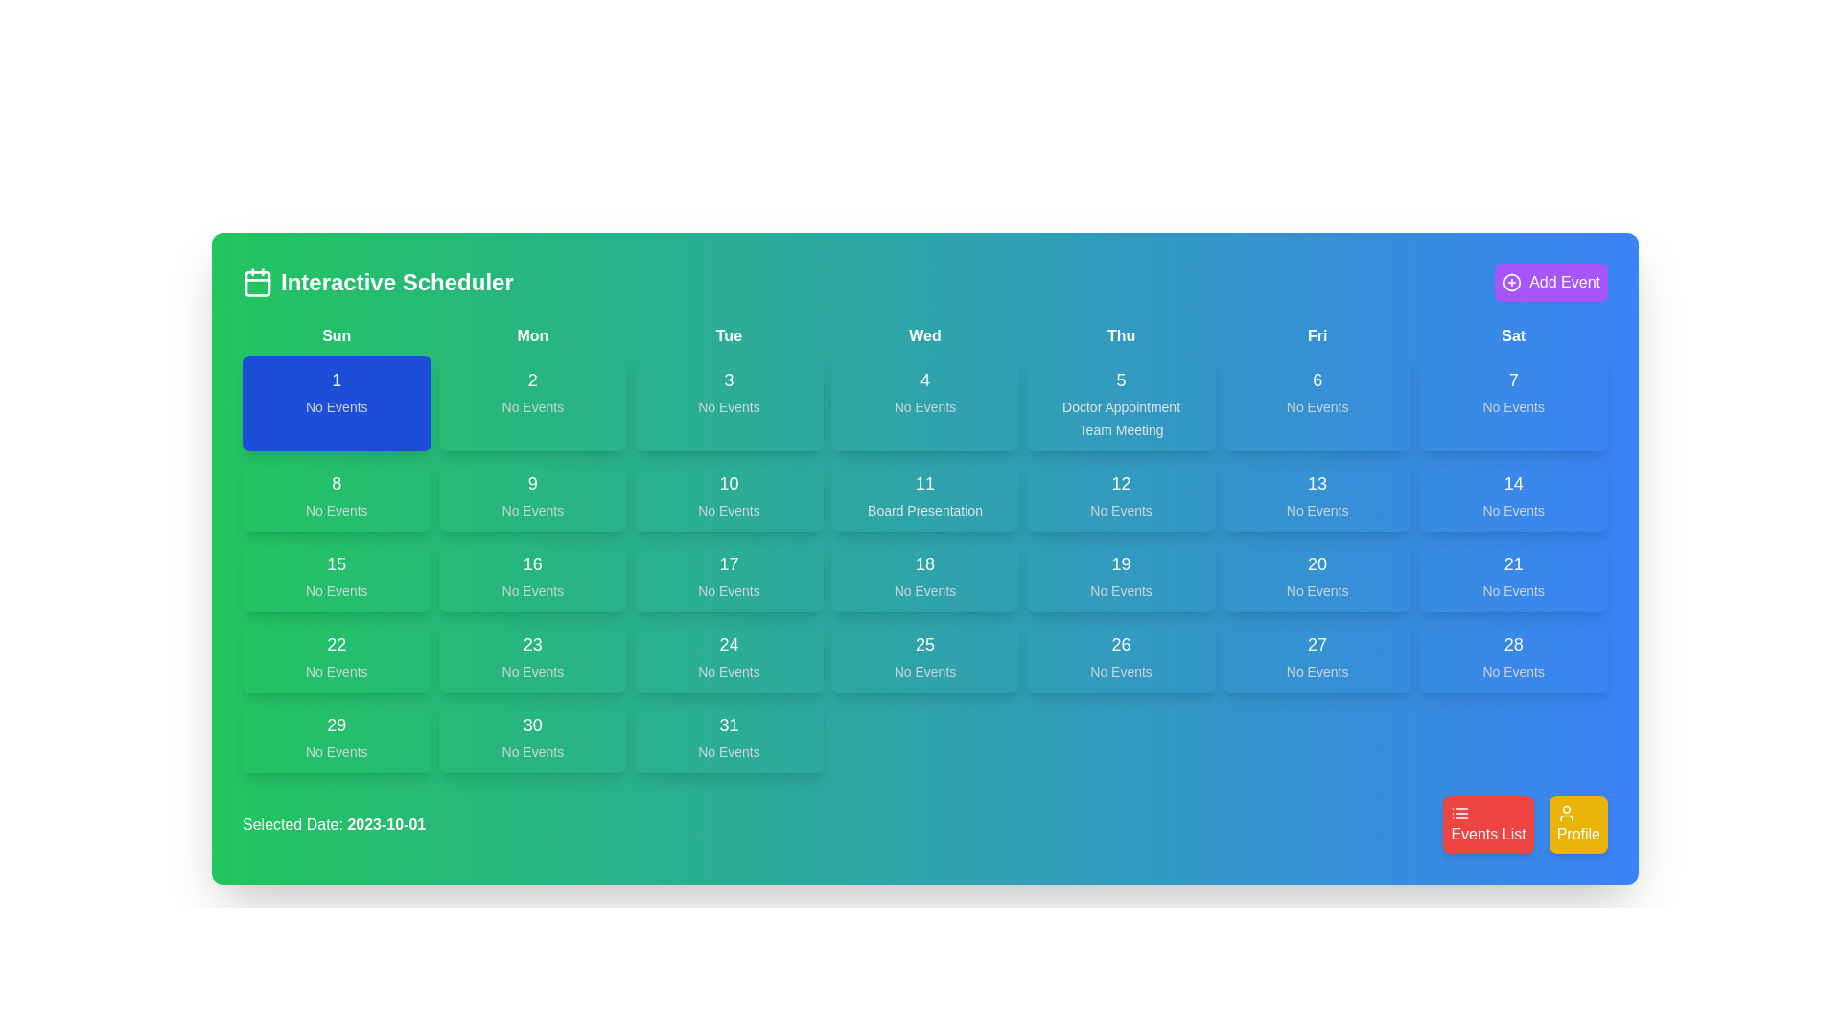 The width and height of the screenshot is (1841, 1035). What do you see at coordinates (1512, 655) in the screenshot?
I see `the Calendar Day Block representing Saturday, the 28th, which has a blue background and contains the text '28' and 'No Events'` at bounding box center [1512, 655].